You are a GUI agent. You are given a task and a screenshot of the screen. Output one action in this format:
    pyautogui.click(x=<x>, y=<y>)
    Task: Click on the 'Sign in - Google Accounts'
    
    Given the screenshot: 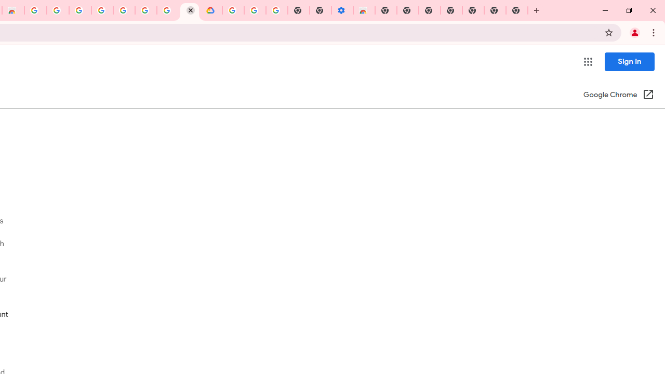 What is the action you would take?
    pyautogui.click(x=102, y=10)
    